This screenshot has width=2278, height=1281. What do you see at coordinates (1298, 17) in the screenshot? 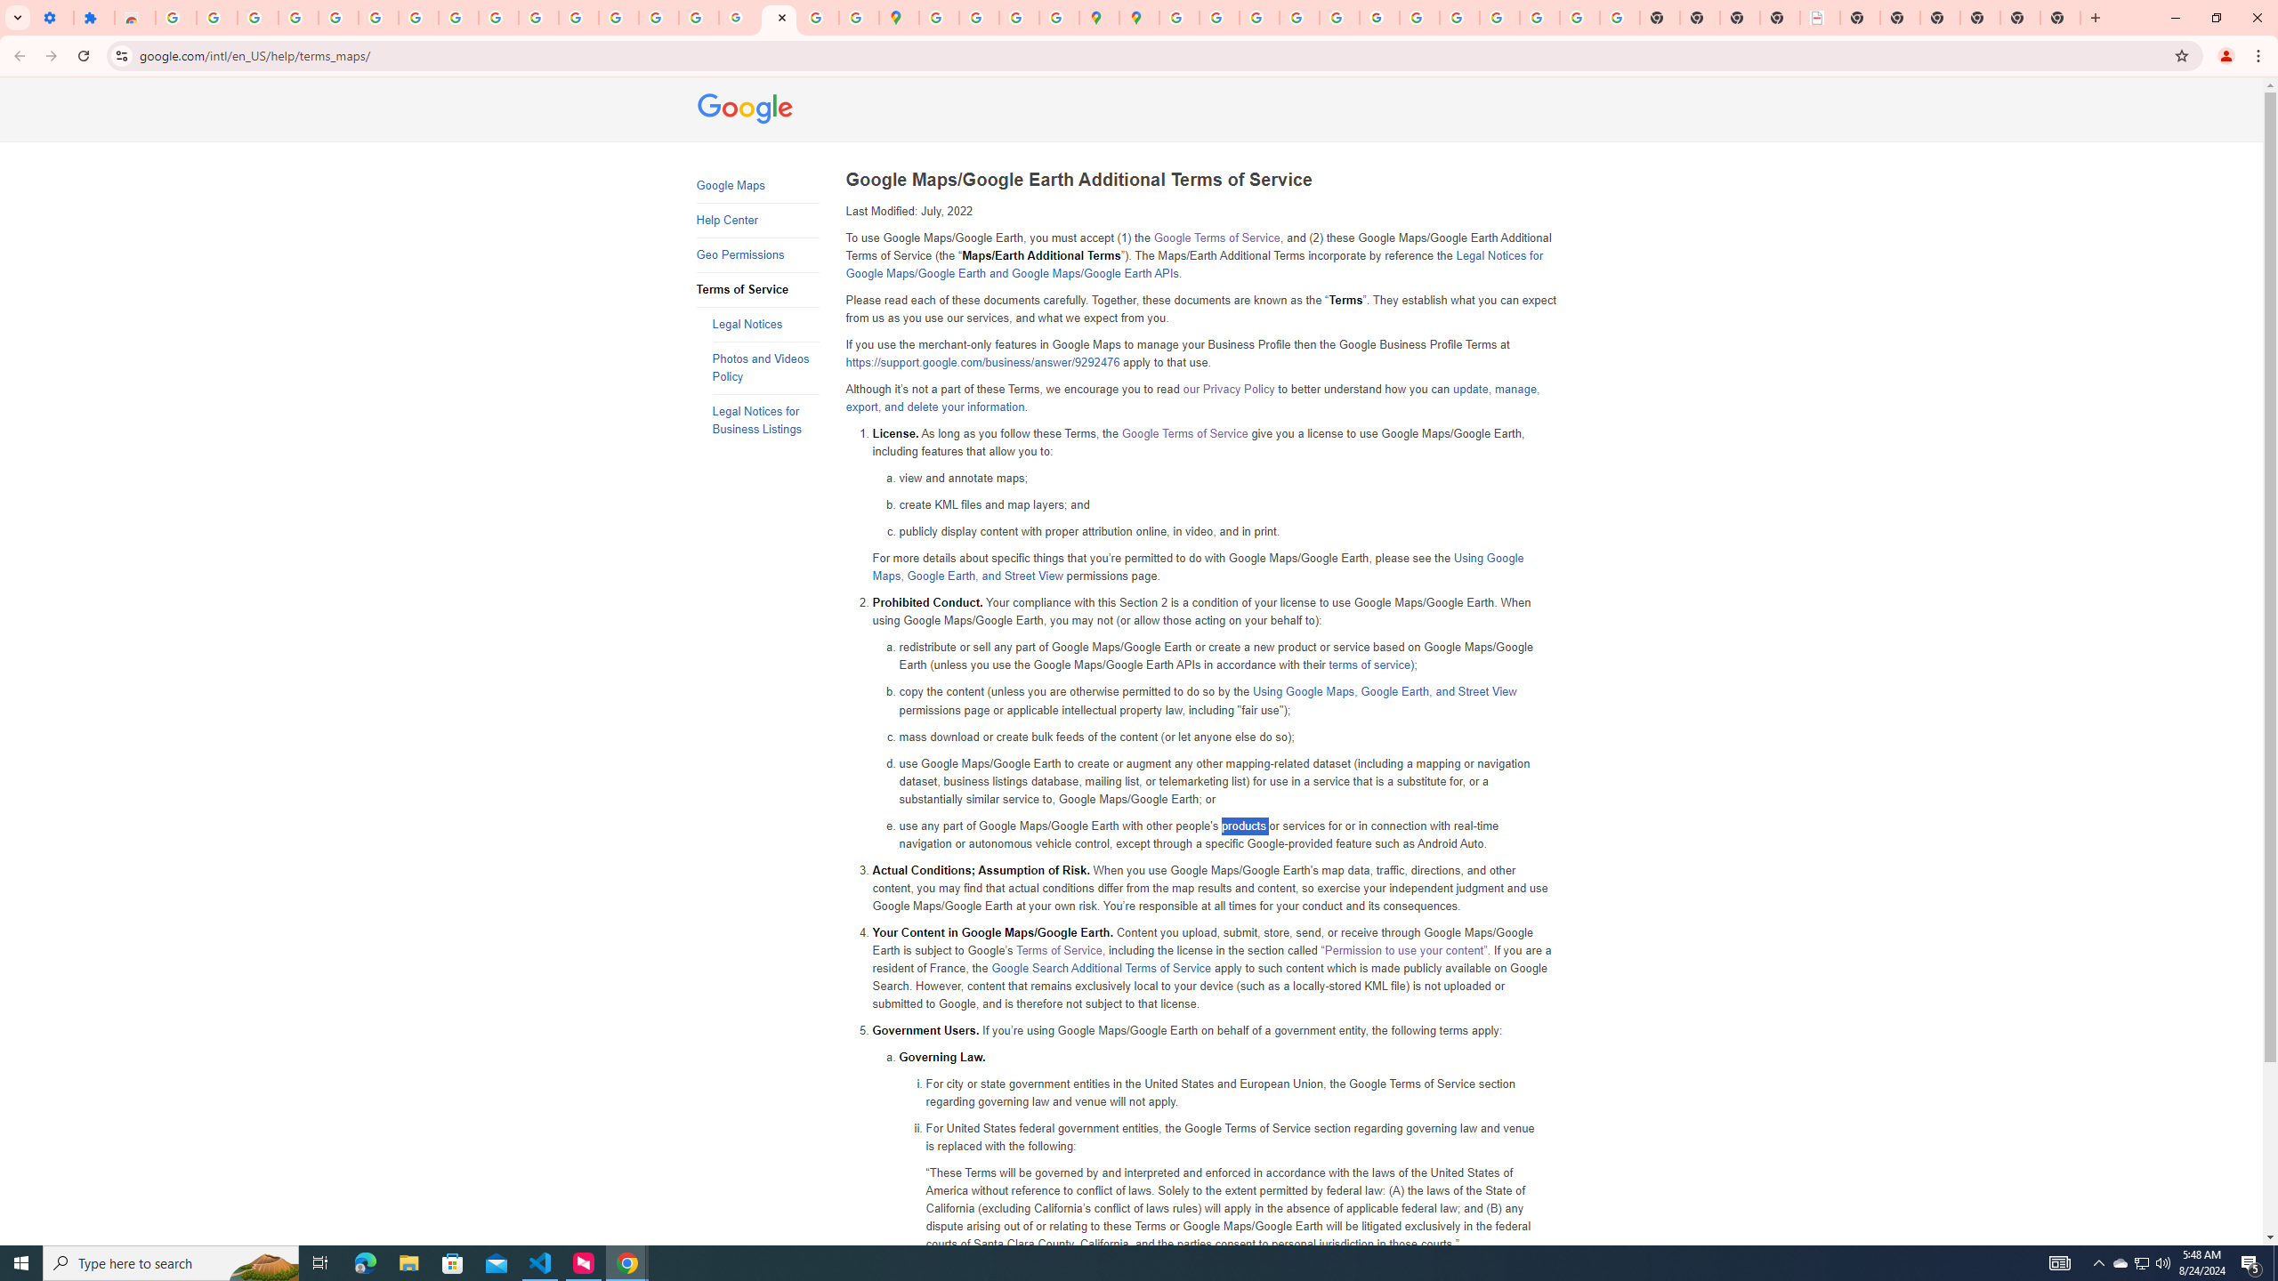
I see `'Privacy Help Center - Policies Help'` at bounding box center [1298, 17].